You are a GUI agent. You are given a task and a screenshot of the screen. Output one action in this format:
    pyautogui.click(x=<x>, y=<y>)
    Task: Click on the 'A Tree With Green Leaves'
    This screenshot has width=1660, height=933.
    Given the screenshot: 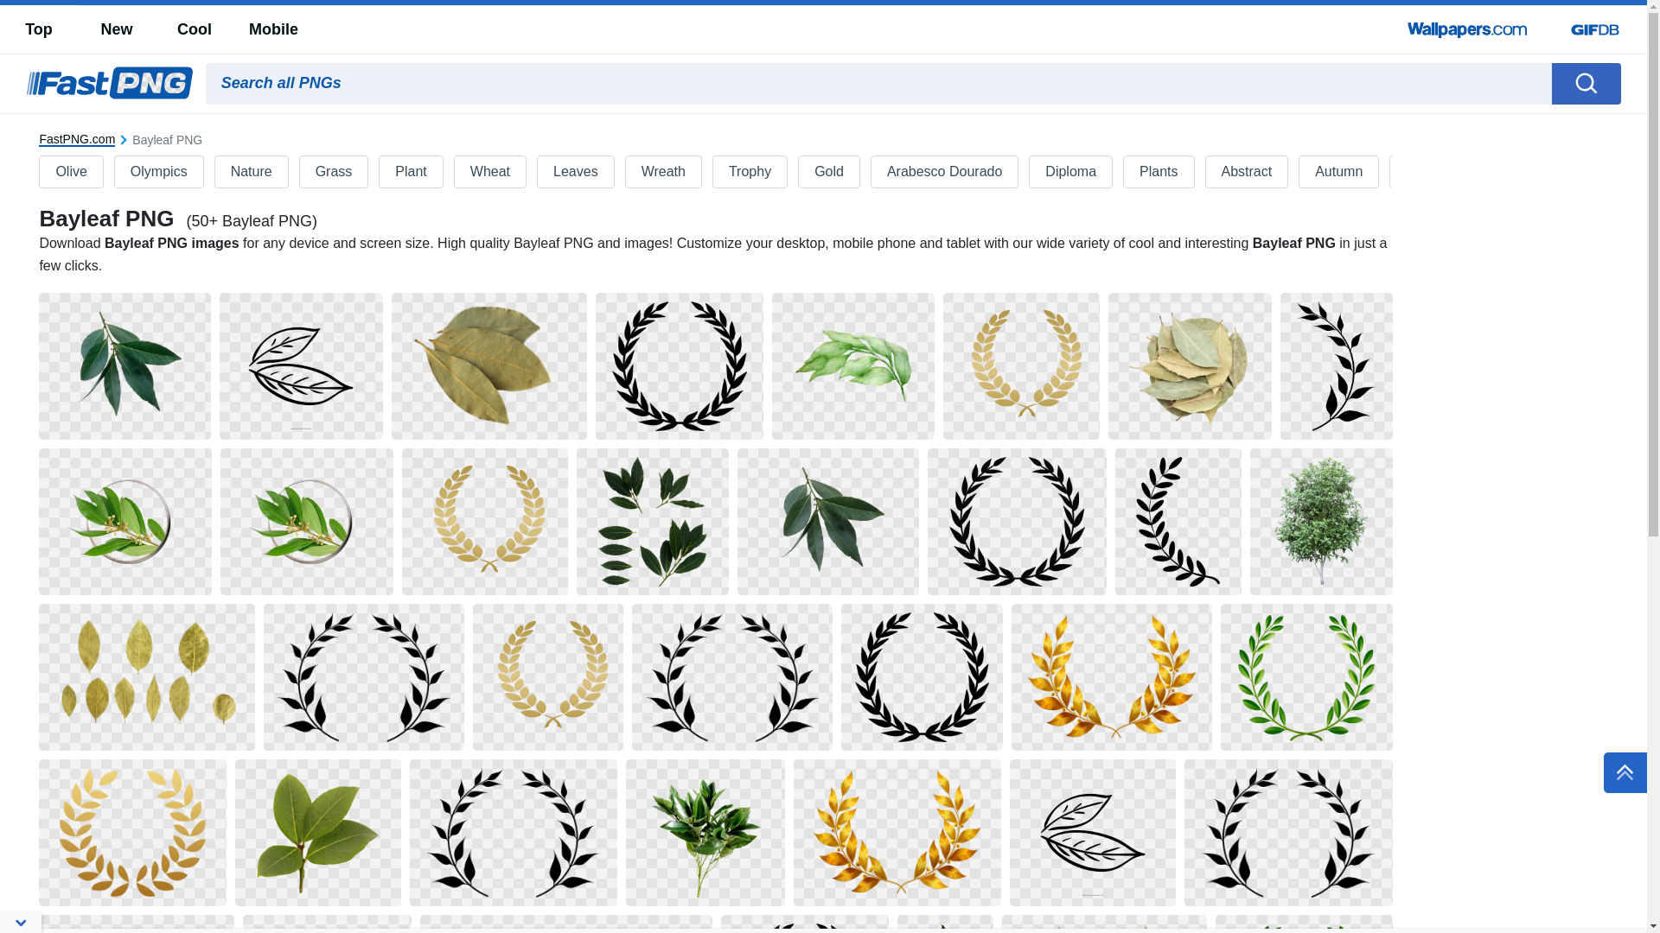 What is the action you would take?
    pyautogui.click(x=1320, y=521)
    